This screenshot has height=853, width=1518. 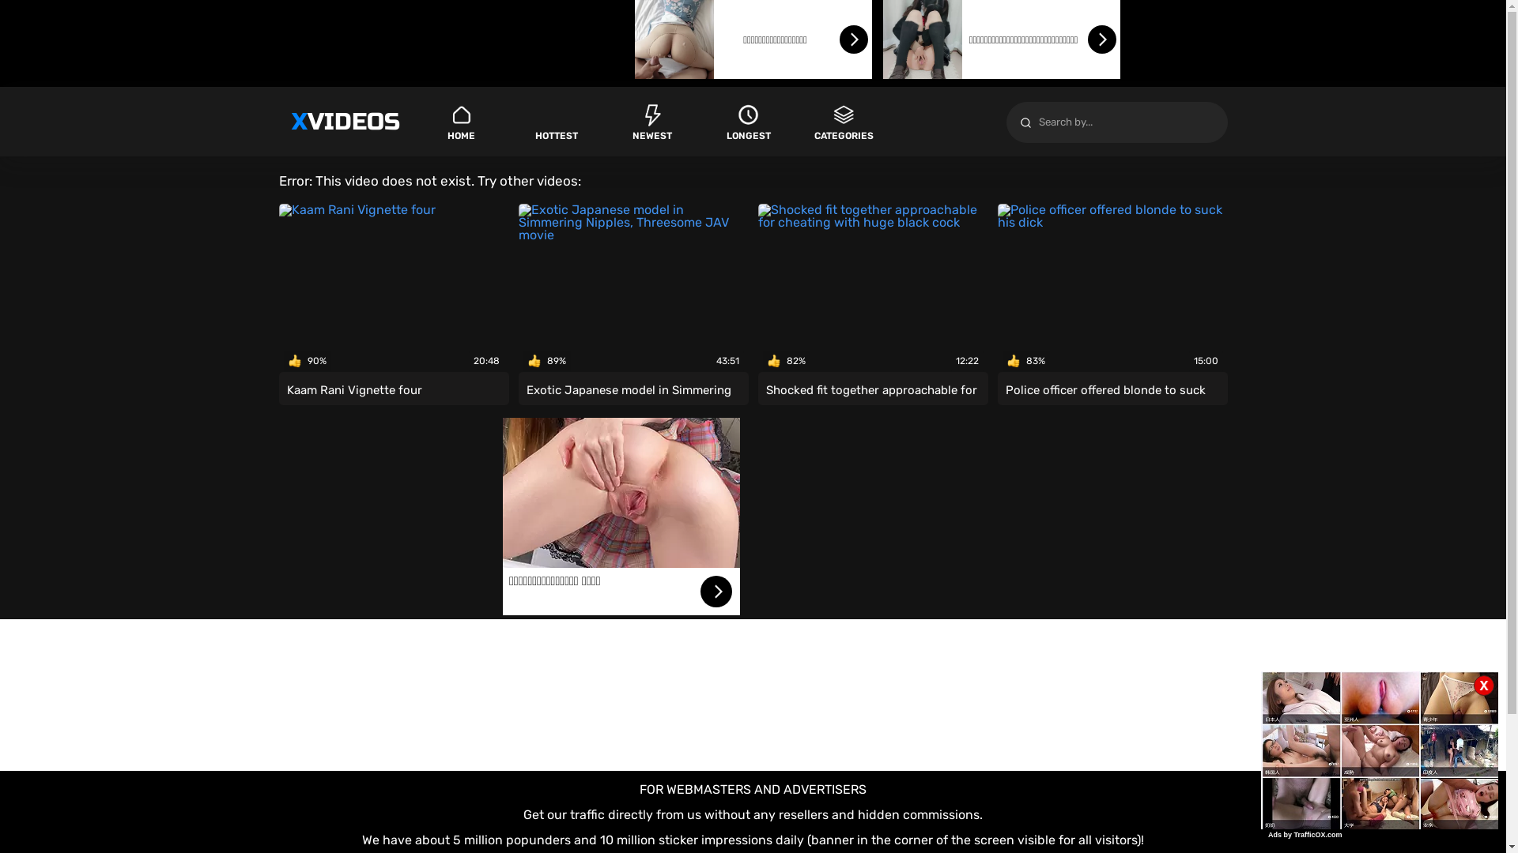 What do you see at coordinates (393, 289) in the screenshot?
I see `'90%` at bounding box center [393, 289].